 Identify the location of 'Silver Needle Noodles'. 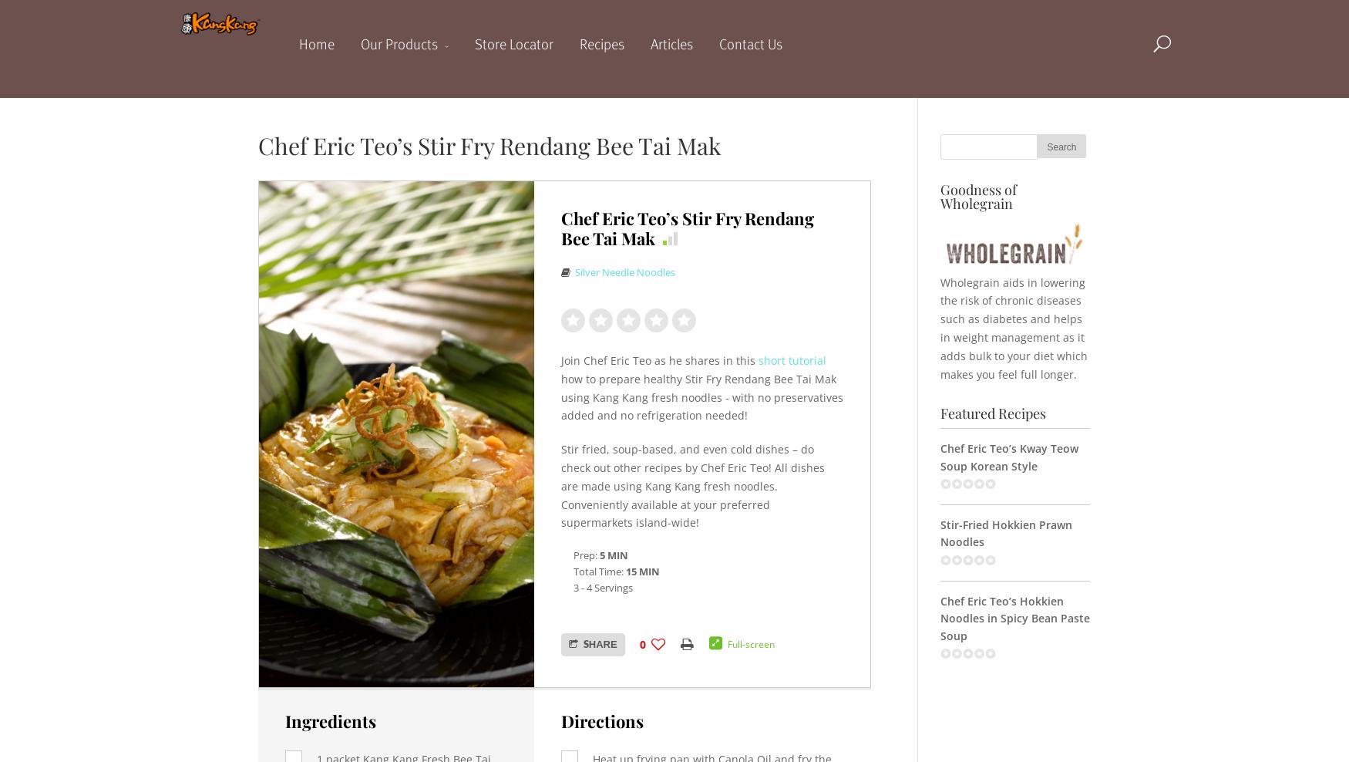
(574, 272).